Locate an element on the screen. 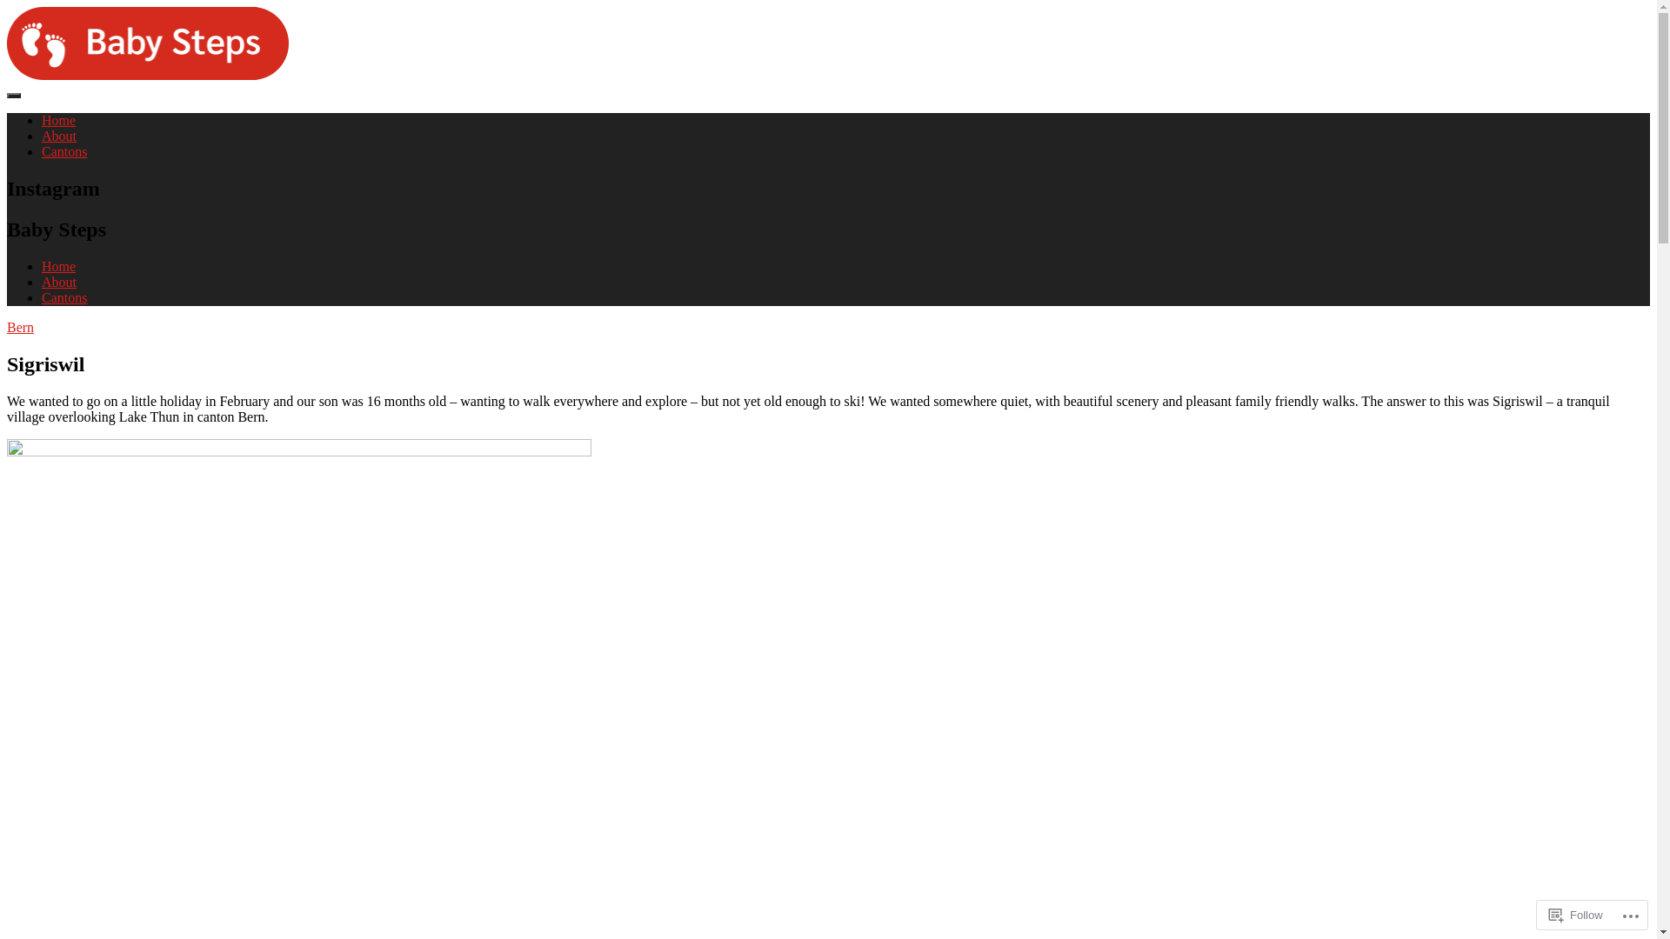 The width and height of the screenshot is (1670, 939). 'Home' is located at coordinates (42, 266).